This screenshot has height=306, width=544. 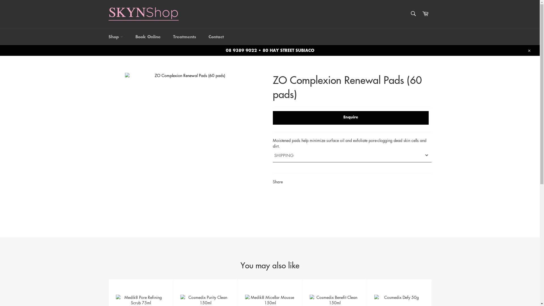 I want to click on 'Close', so click(x=528, y=50).